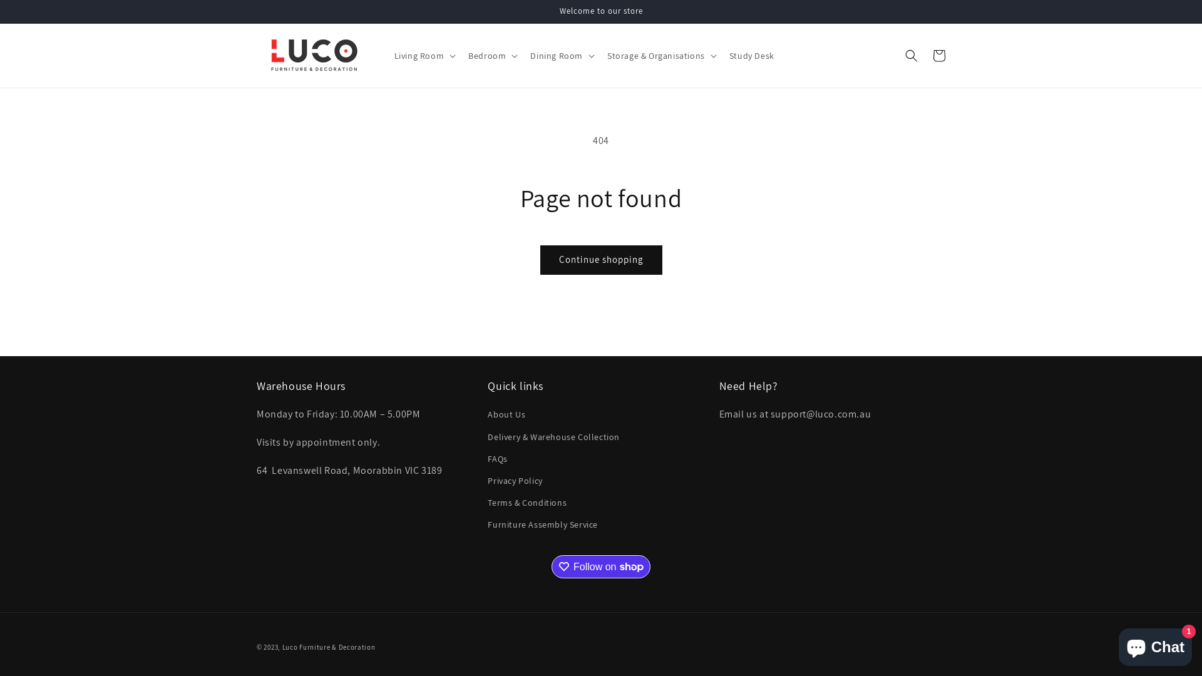  I want to click on 'Privacy Policy', so click(515, 480).